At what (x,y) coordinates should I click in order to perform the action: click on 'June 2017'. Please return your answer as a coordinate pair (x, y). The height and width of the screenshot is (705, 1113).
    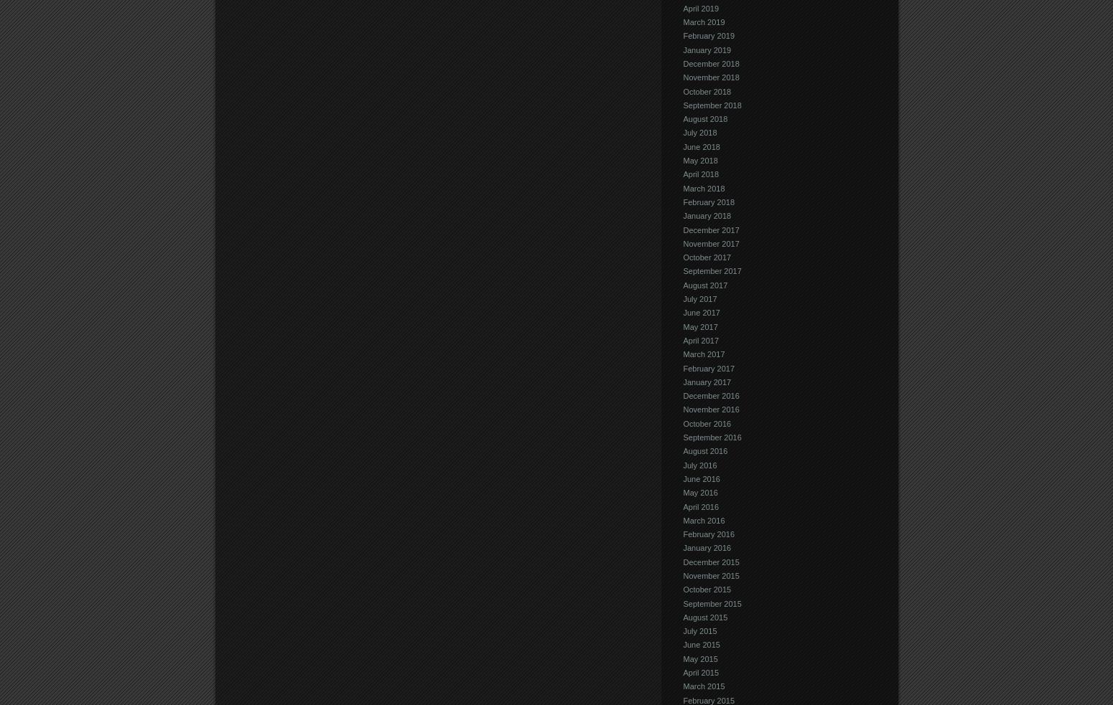
    Looking at the image, I should click on (700, 311).